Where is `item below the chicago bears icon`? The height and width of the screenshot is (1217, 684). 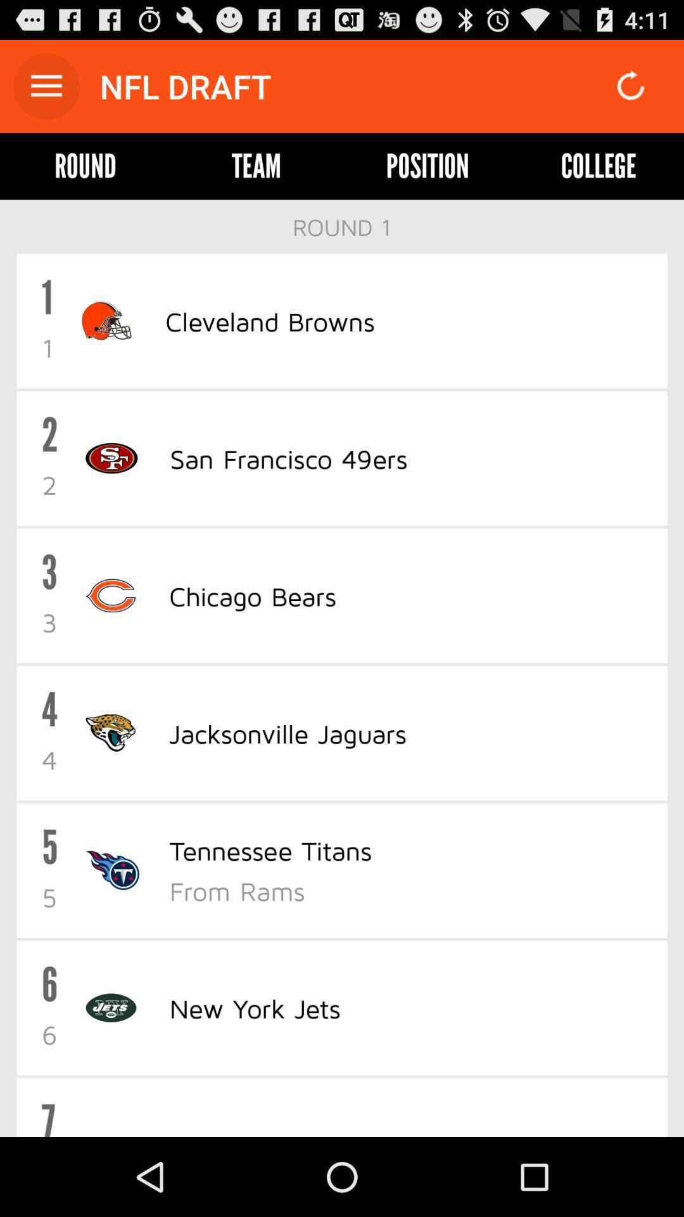 item below the chicago bears icon is located at coordinates (288, 733).